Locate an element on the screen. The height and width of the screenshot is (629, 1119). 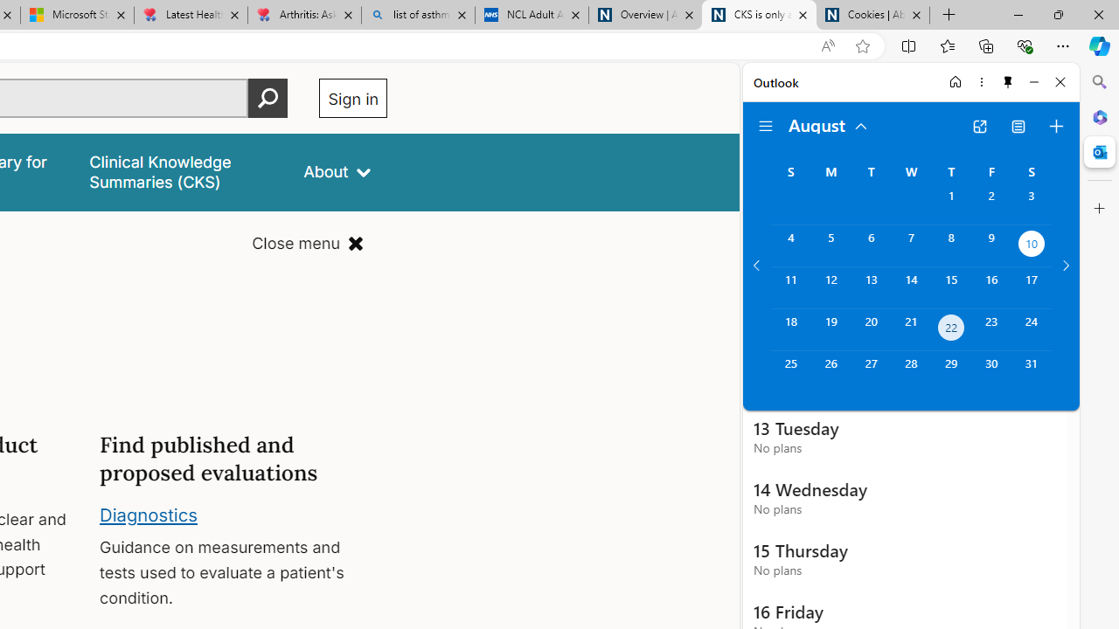
'Cookies | About | NICE' is located at coordinates (873, 15).